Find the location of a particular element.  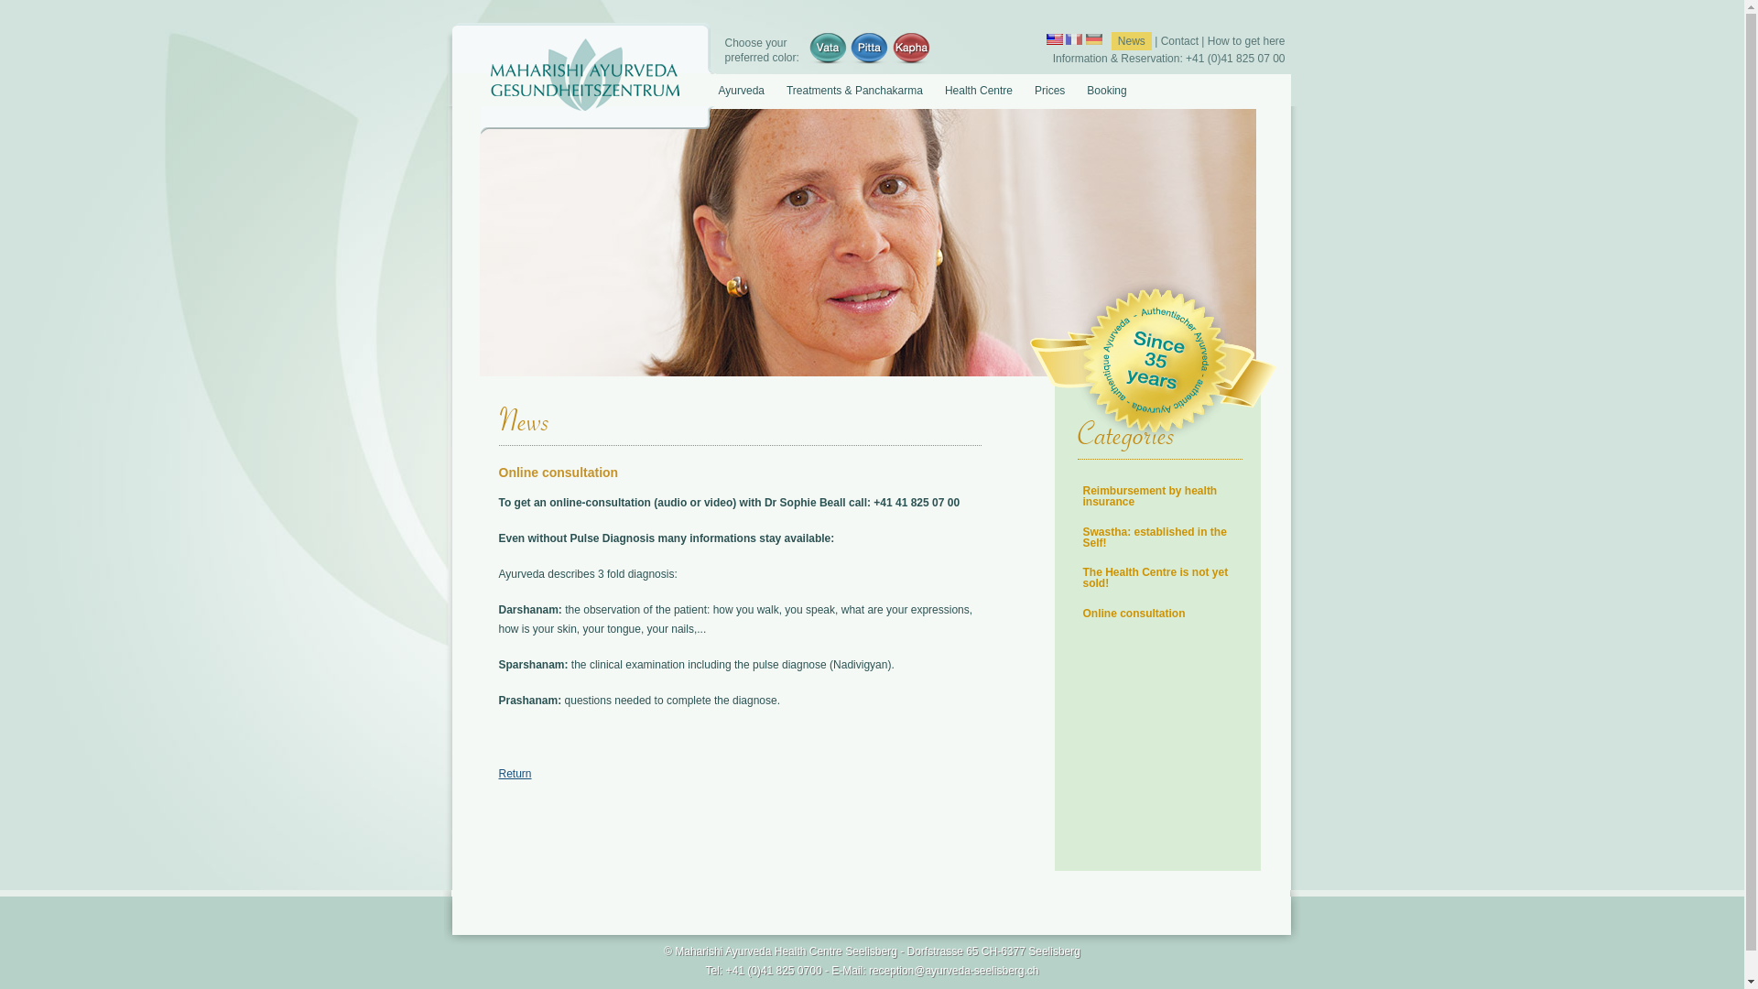

'Swastha: established in the Self!' is located at coordinates (1153, 536).